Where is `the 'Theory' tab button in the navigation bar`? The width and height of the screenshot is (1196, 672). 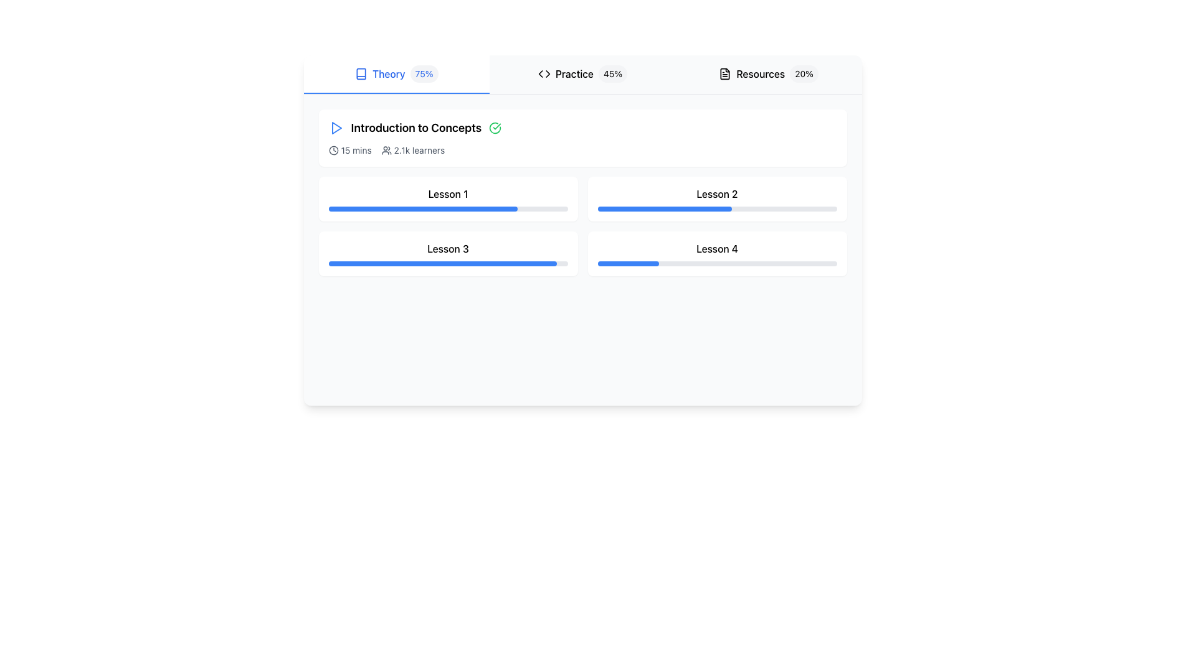 the 'Theory' tab button in the navigation bar is located at coordinates (396, 74).